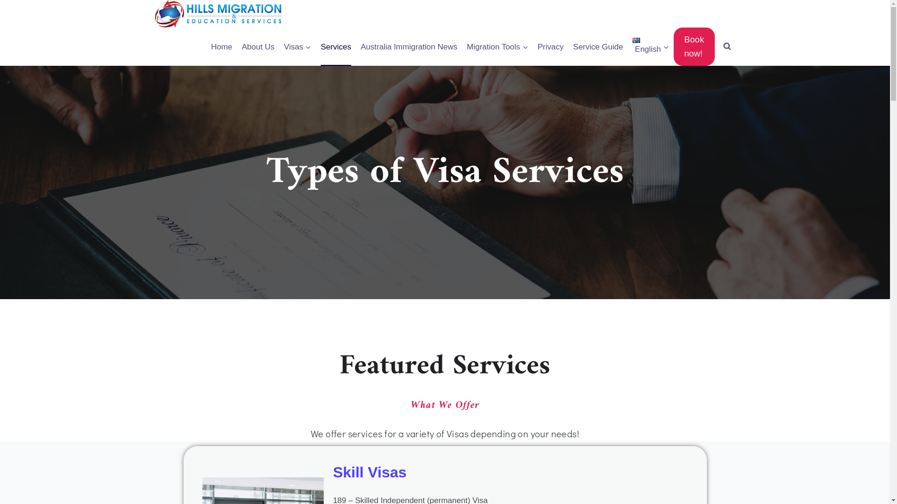  What do you see at coordinates (497, 47) in the screenshot?
I see `'Migration Tools'` at bounding box center [497, 47].